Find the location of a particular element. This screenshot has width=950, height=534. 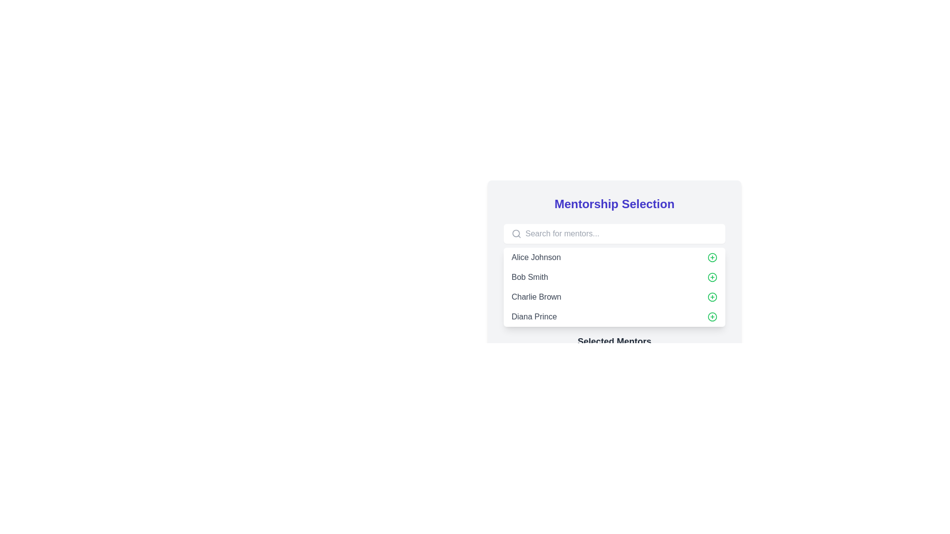

text element displaying 'Selected Mentors', which is styled in bold dark gray and located at the bottom of the 'Mentorship Selection' interface is located at coordinates (614, 341).